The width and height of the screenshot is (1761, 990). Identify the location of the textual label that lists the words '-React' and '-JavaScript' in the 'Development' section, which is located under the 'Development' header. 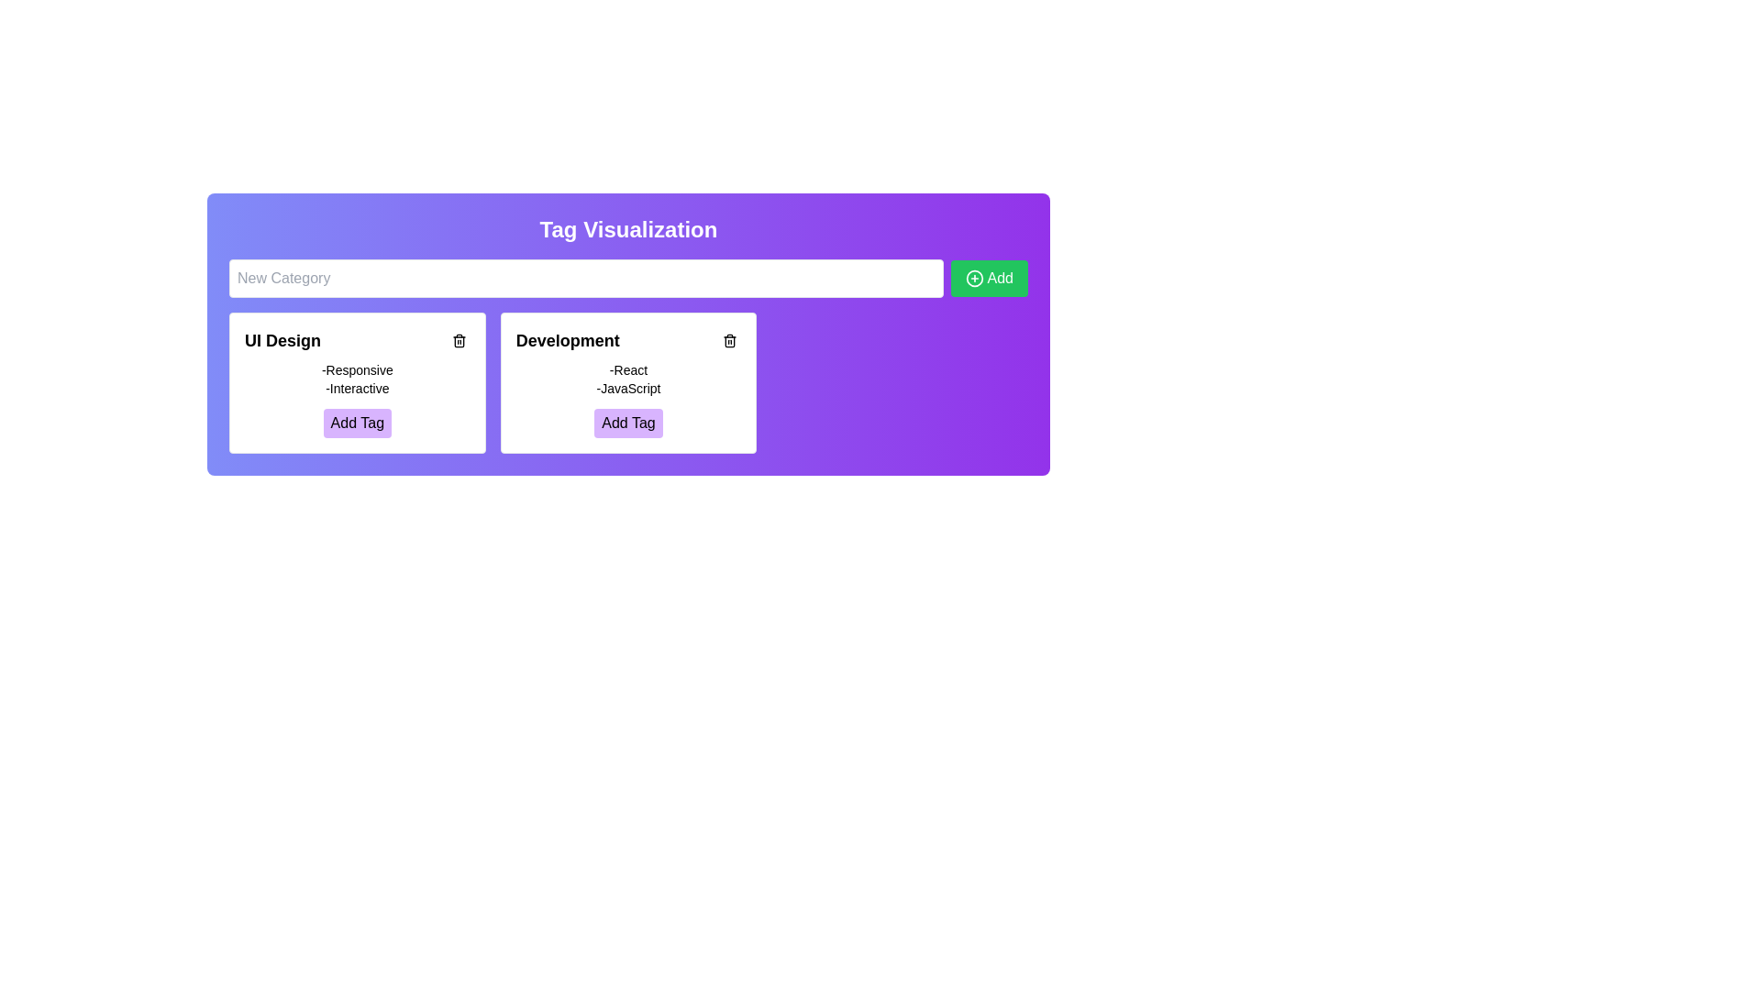
(628, 378).